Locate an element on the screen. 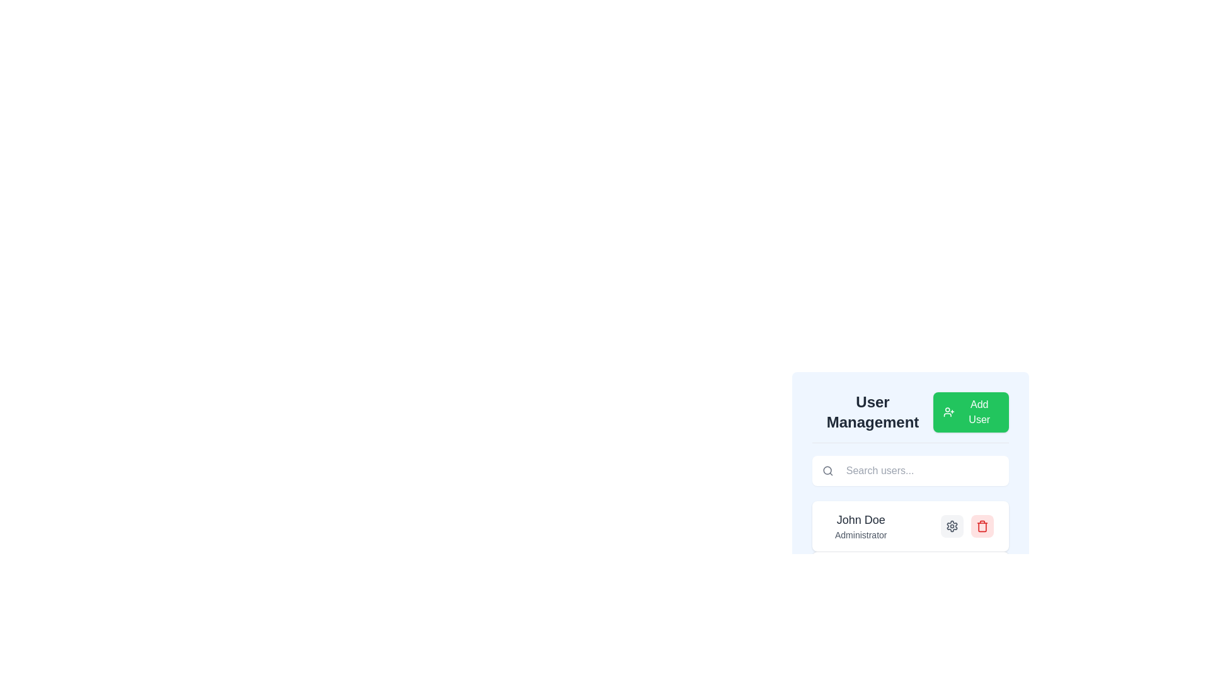  the small gray magnifying glass-shaped icon representing search functionality, located at the leftmost part of the search input field marked 'Search users...' is located at coordinates (827, 471).